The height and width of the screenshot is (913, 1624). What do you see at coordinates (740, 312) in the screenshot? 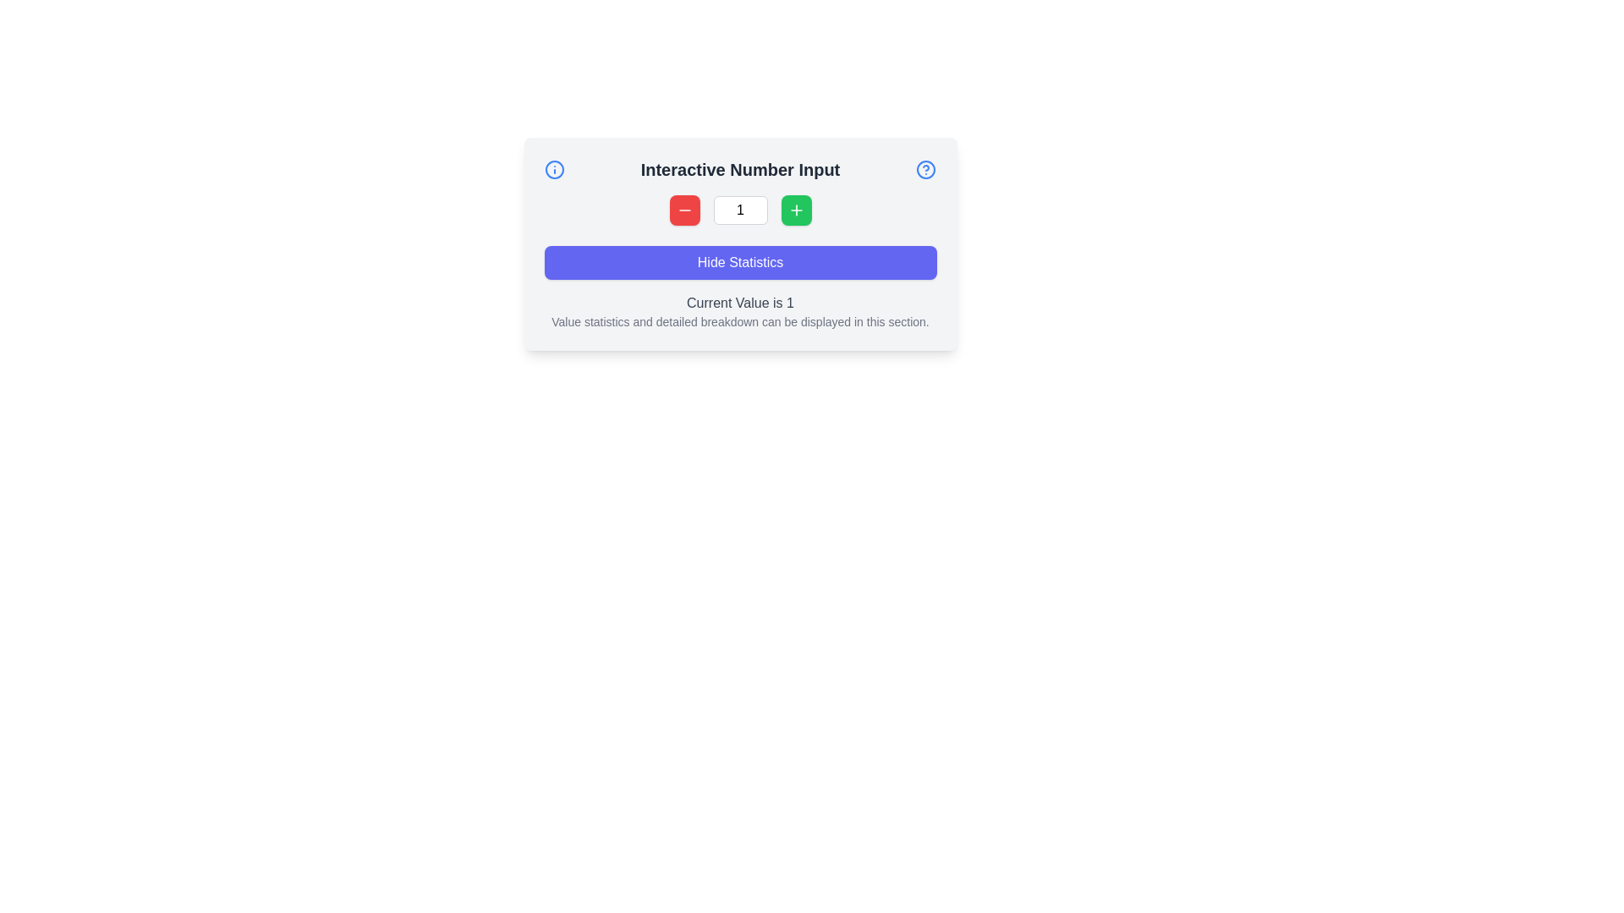
I see `the text block titled 'Current Value is 1', which contains the descriptive message 'Value statistics and detailed breakdown can be displayed in this section.' This text block is located within the 'Interactive Number Input' section, beneath the 'Hide Statistics' button` at bounding box center [740, 312].